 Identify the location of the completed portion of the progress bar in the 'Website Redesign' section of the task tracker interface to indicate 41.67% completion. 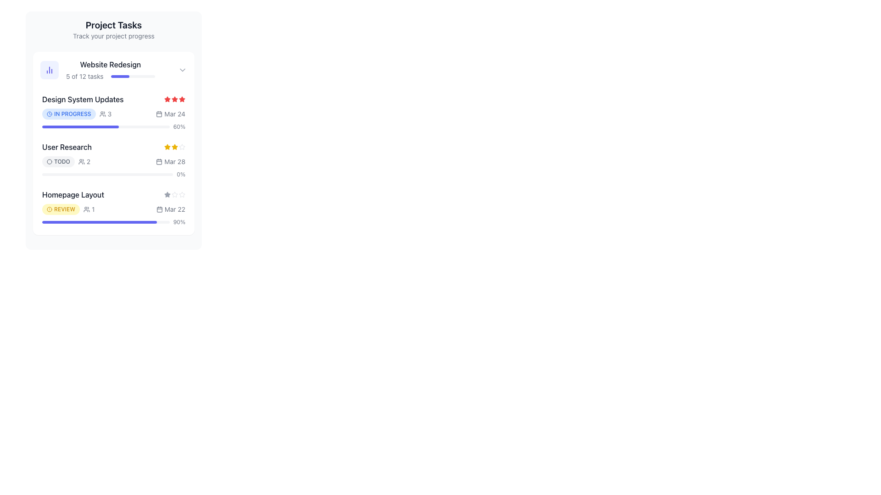
(119, 76).